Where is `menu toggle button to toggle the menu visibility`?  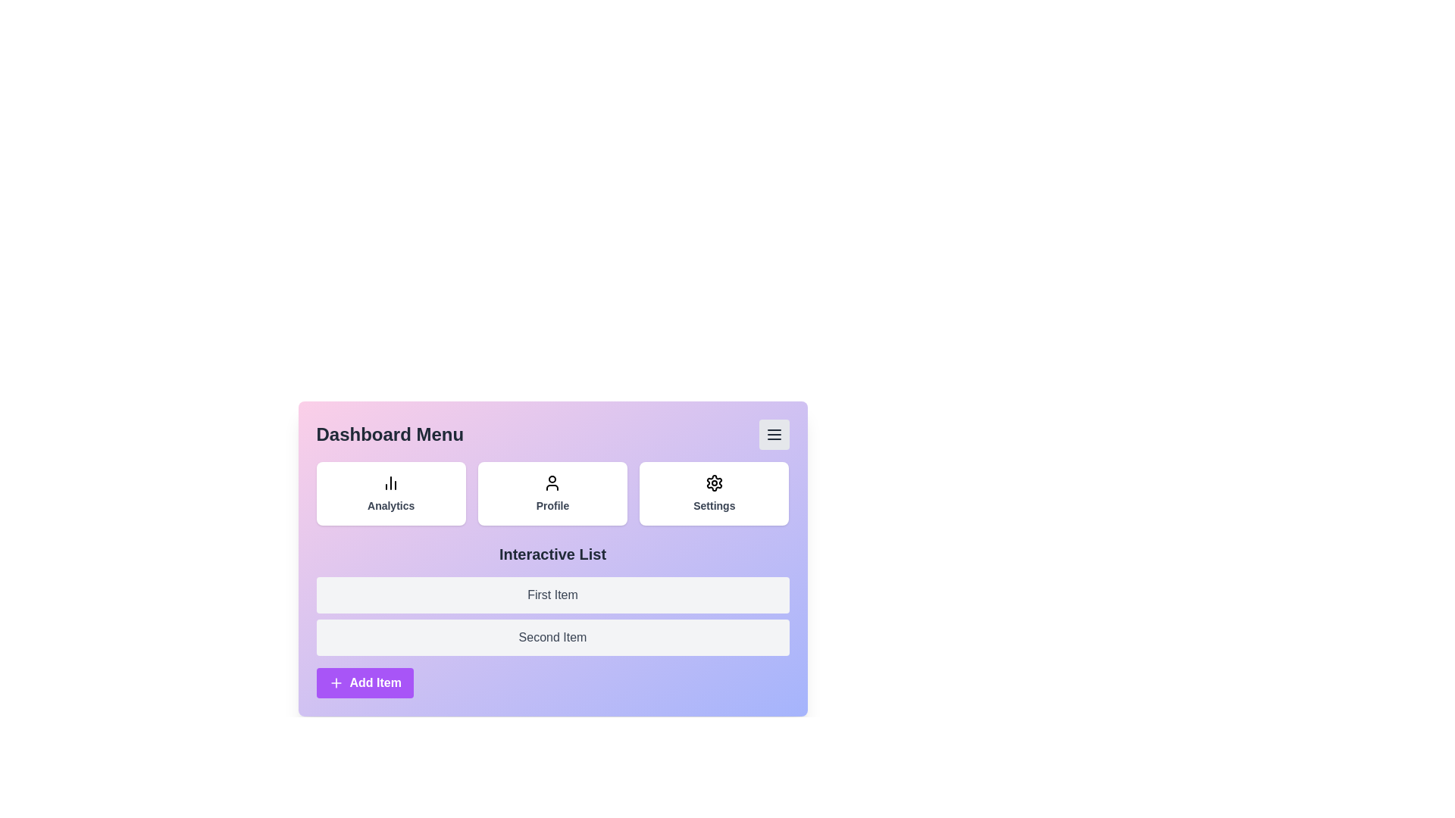 menu toggle button to toggle the menu visibility is located at coordinates (774, 435).